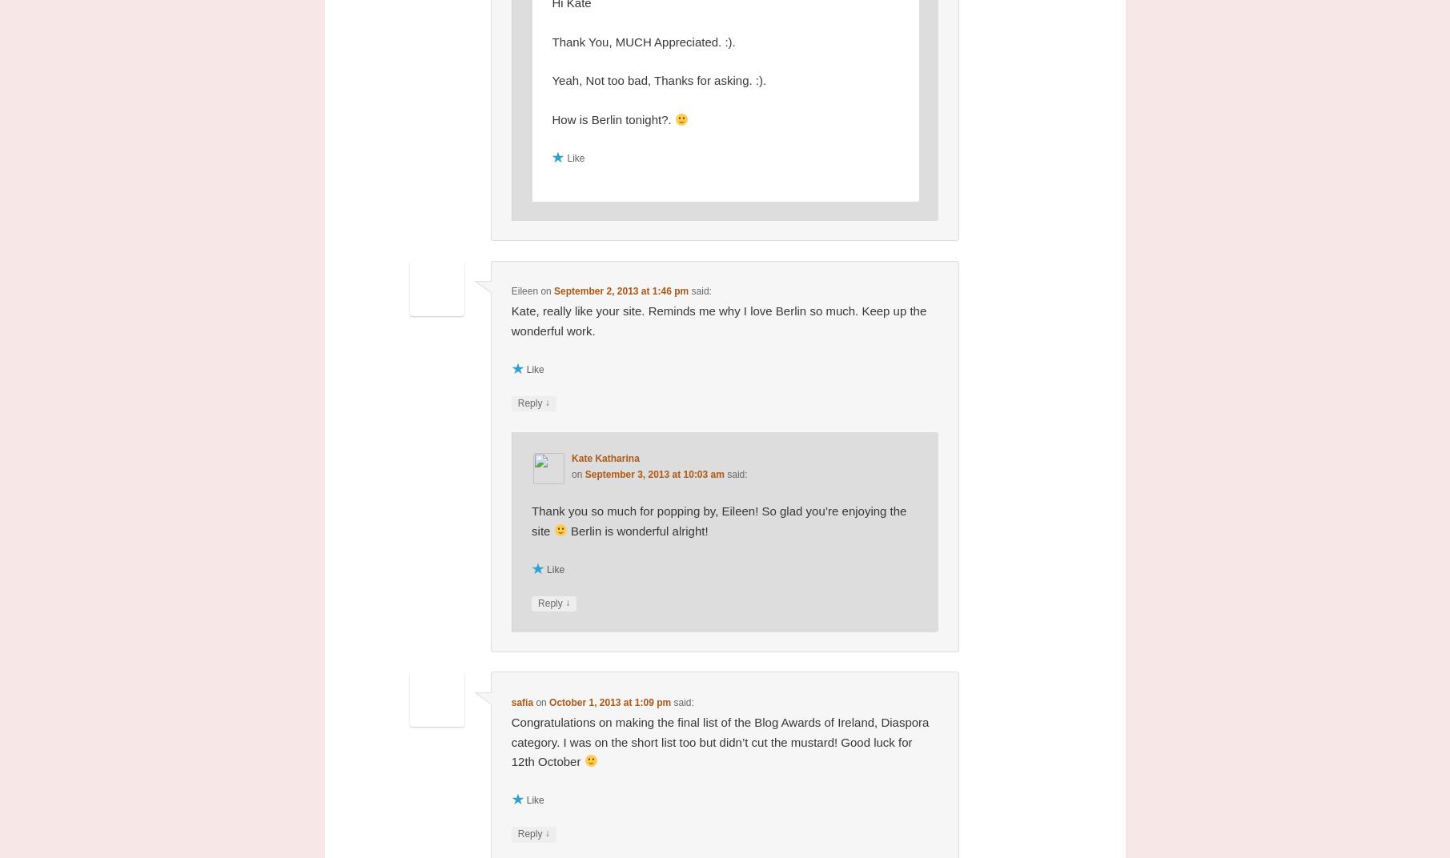 The height and width of the screenshot is (858, 1450). Describe the element at coordinates (521, 702) in the screenshot. I see `'safia'` at that location.